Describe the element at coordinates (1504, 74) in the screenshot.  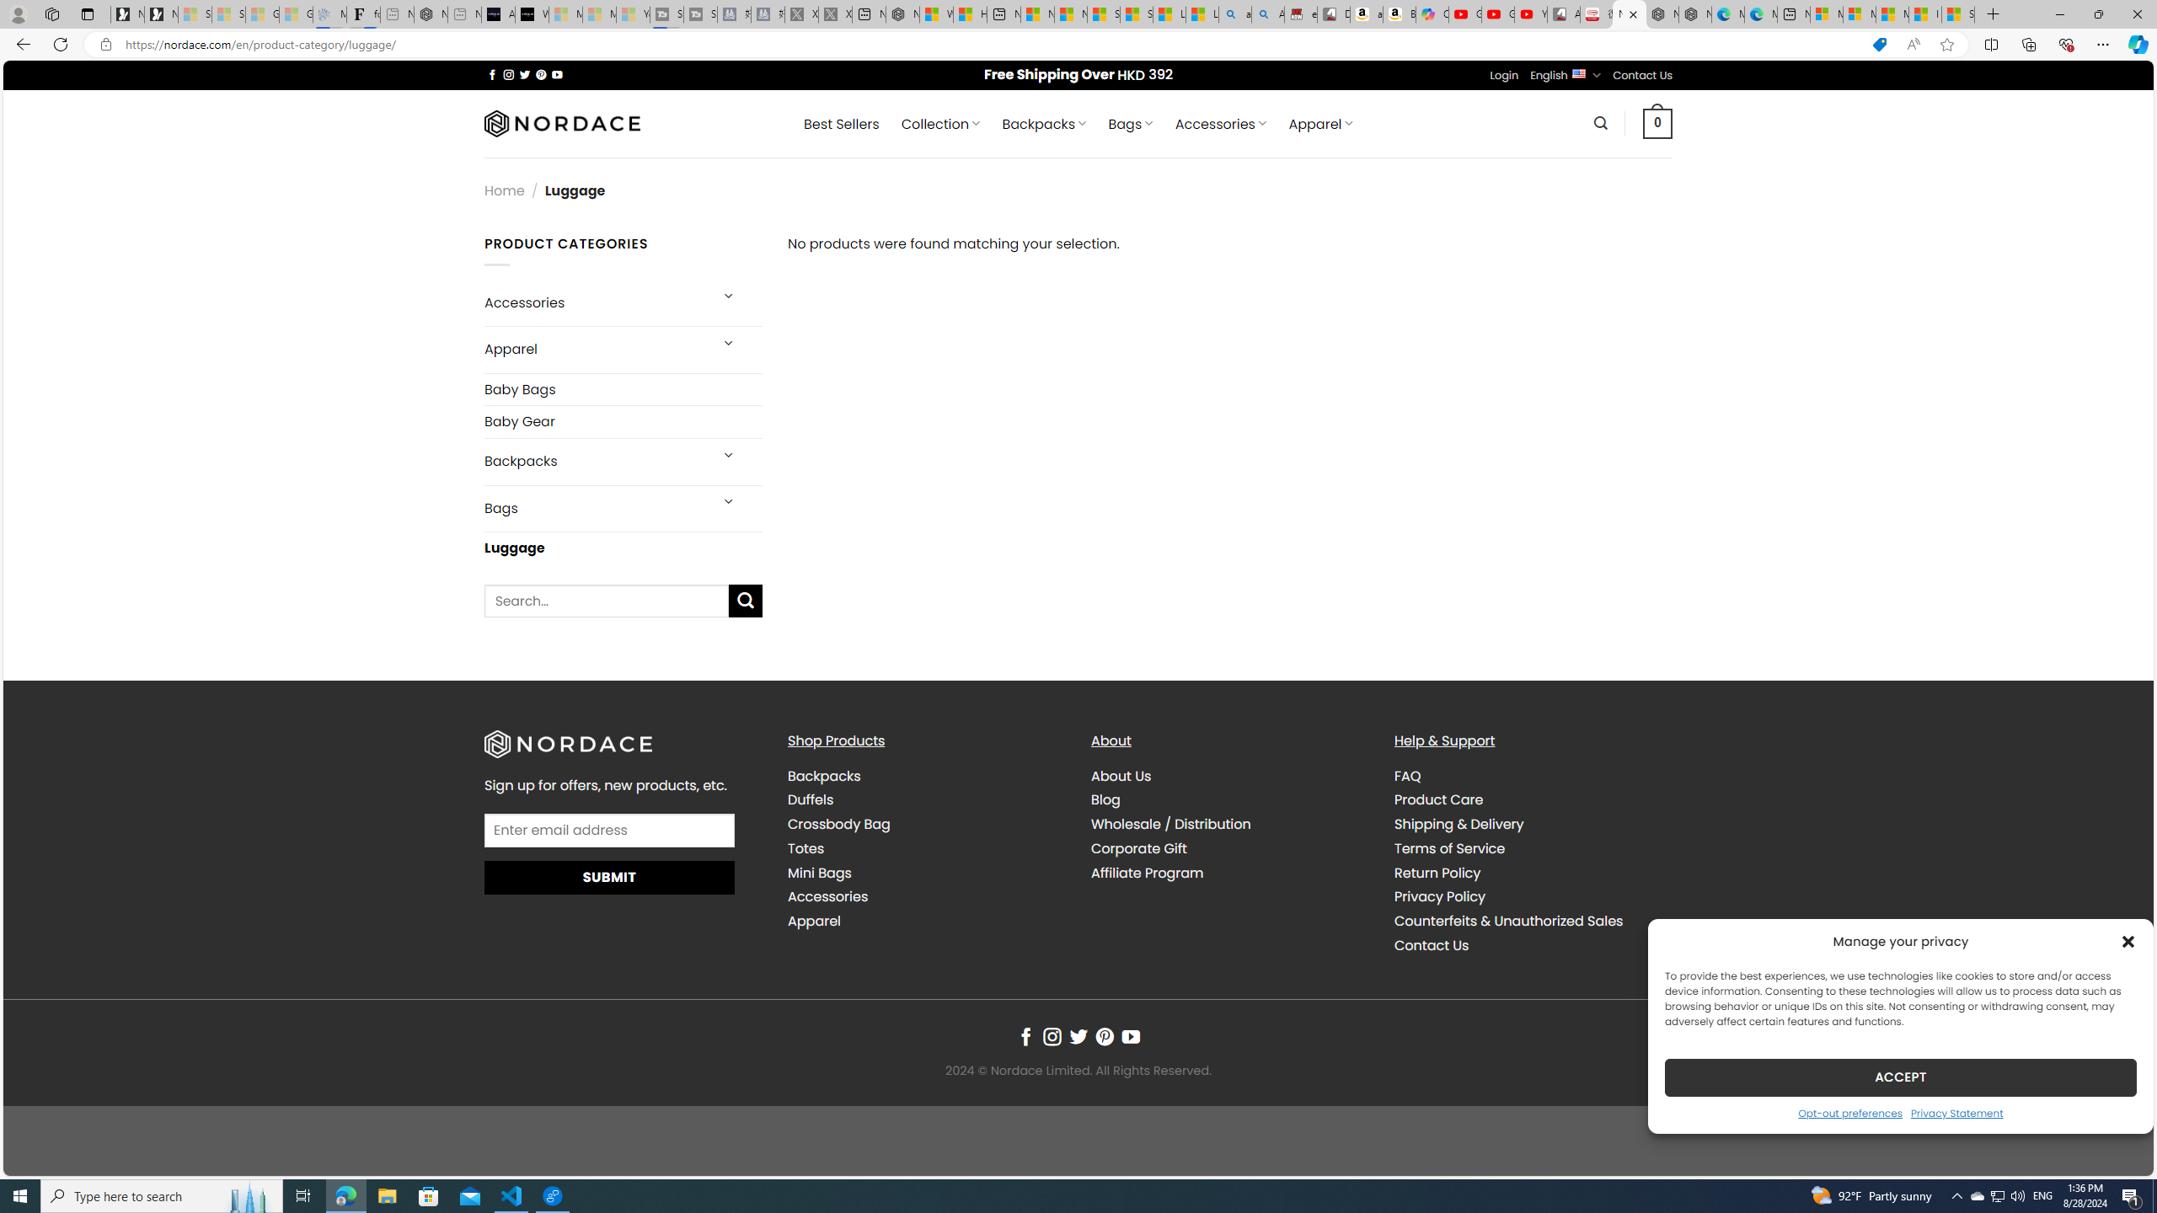
I see `'Login'` at that location.